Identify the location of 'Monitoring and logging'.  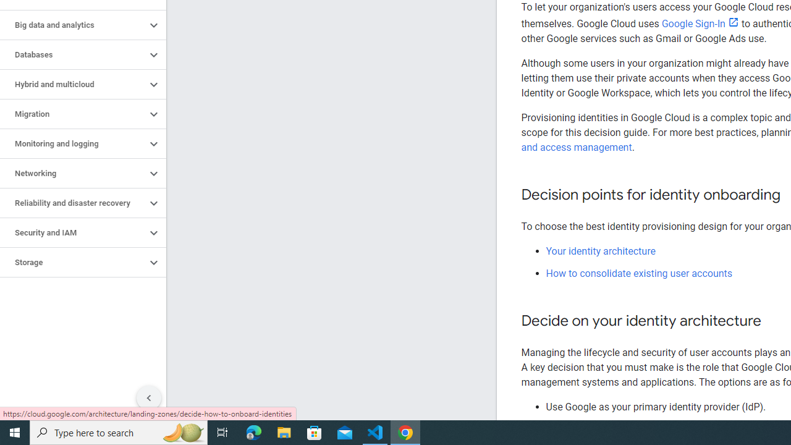
(72, 143).